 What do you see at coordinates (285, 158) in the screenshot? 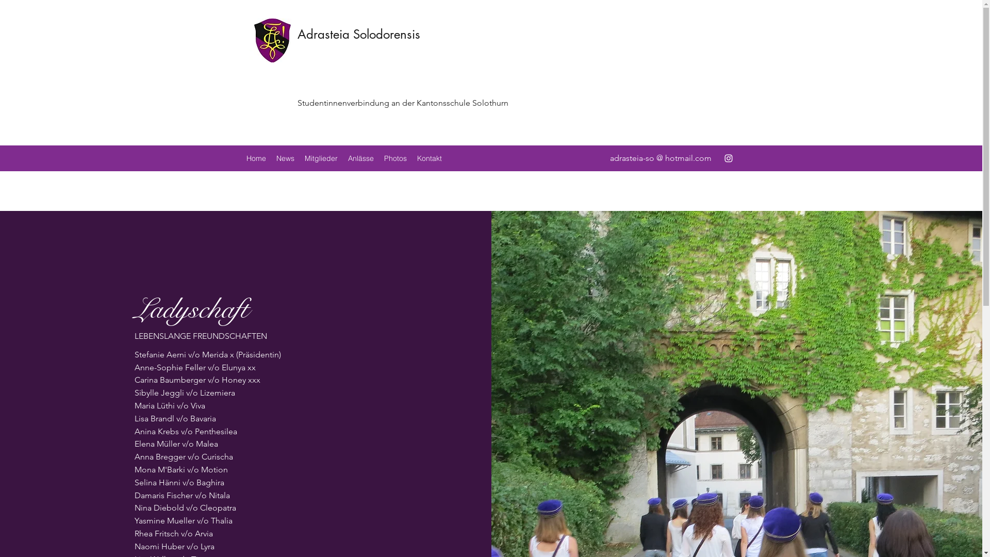
I see `'News'` at bounding box center [285, 158].